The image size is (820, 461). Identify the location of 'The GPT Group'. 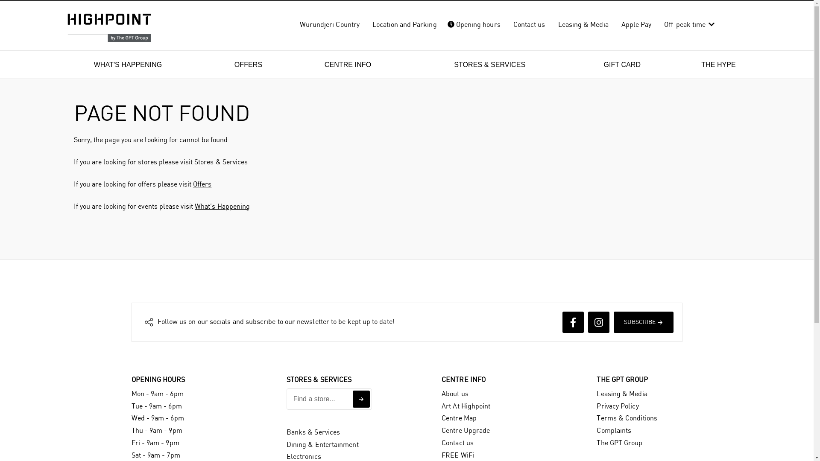
(596, 443).